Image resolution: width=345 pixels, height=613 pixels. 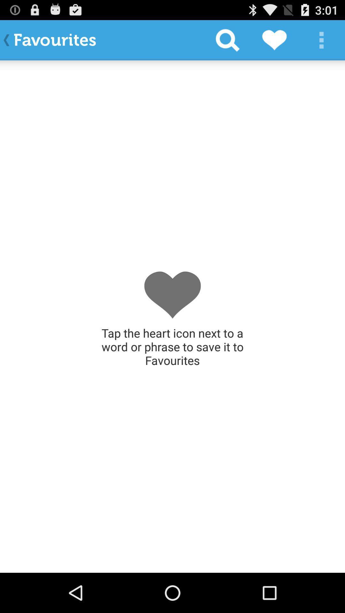 What do you see at coordinates (227, 40) in the screenshot?
I see `the app to the right of favourites app` at bounding box center [227, 40].